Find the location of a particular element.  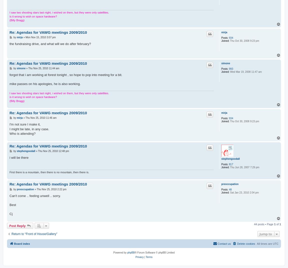

'of' is located at coordinates (277, 224).